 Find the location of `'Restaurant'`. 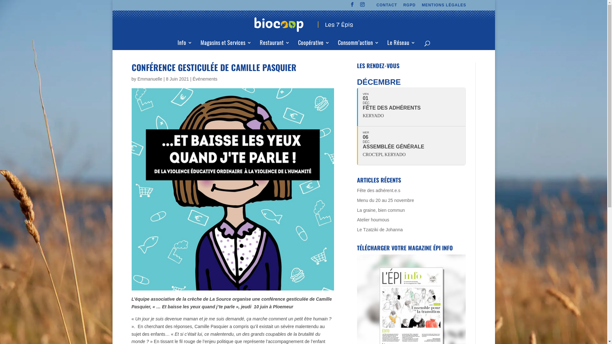

'Restaurant' is located at coordinates (274, 45).